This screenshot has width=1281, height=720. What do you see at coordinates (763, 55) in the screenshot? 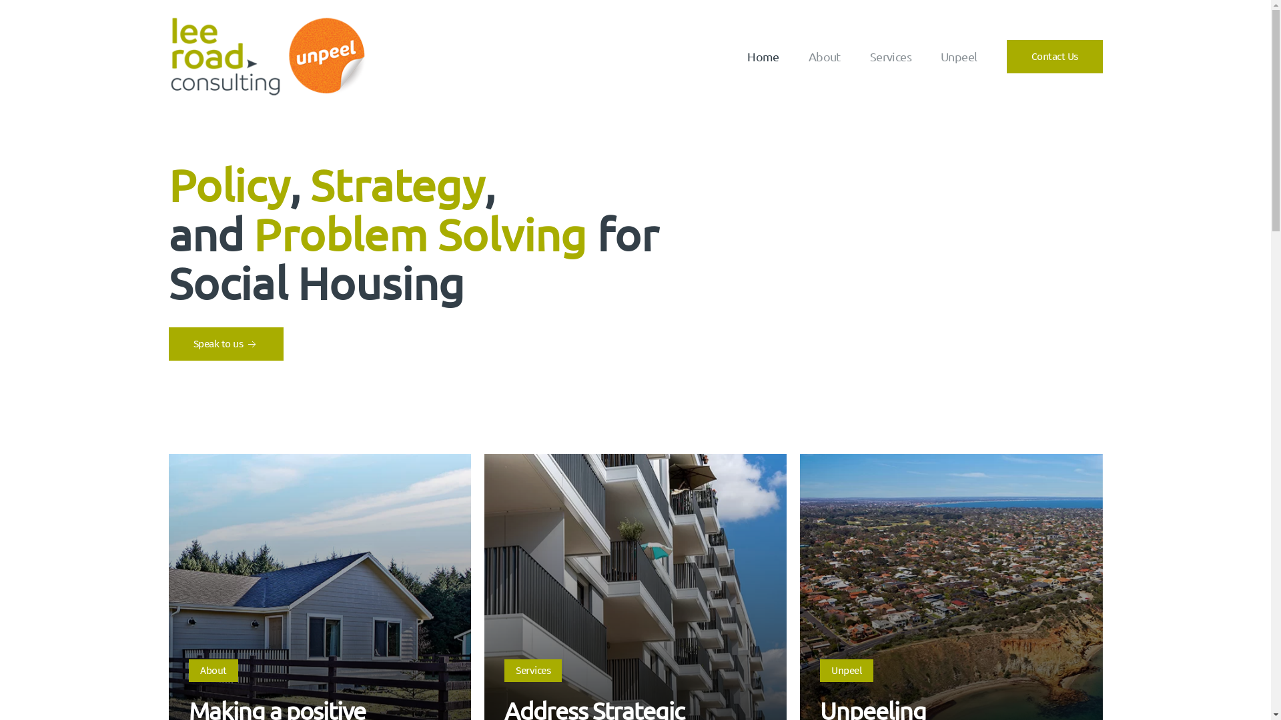
I see `'Home'` at bounding box center [763, 55].